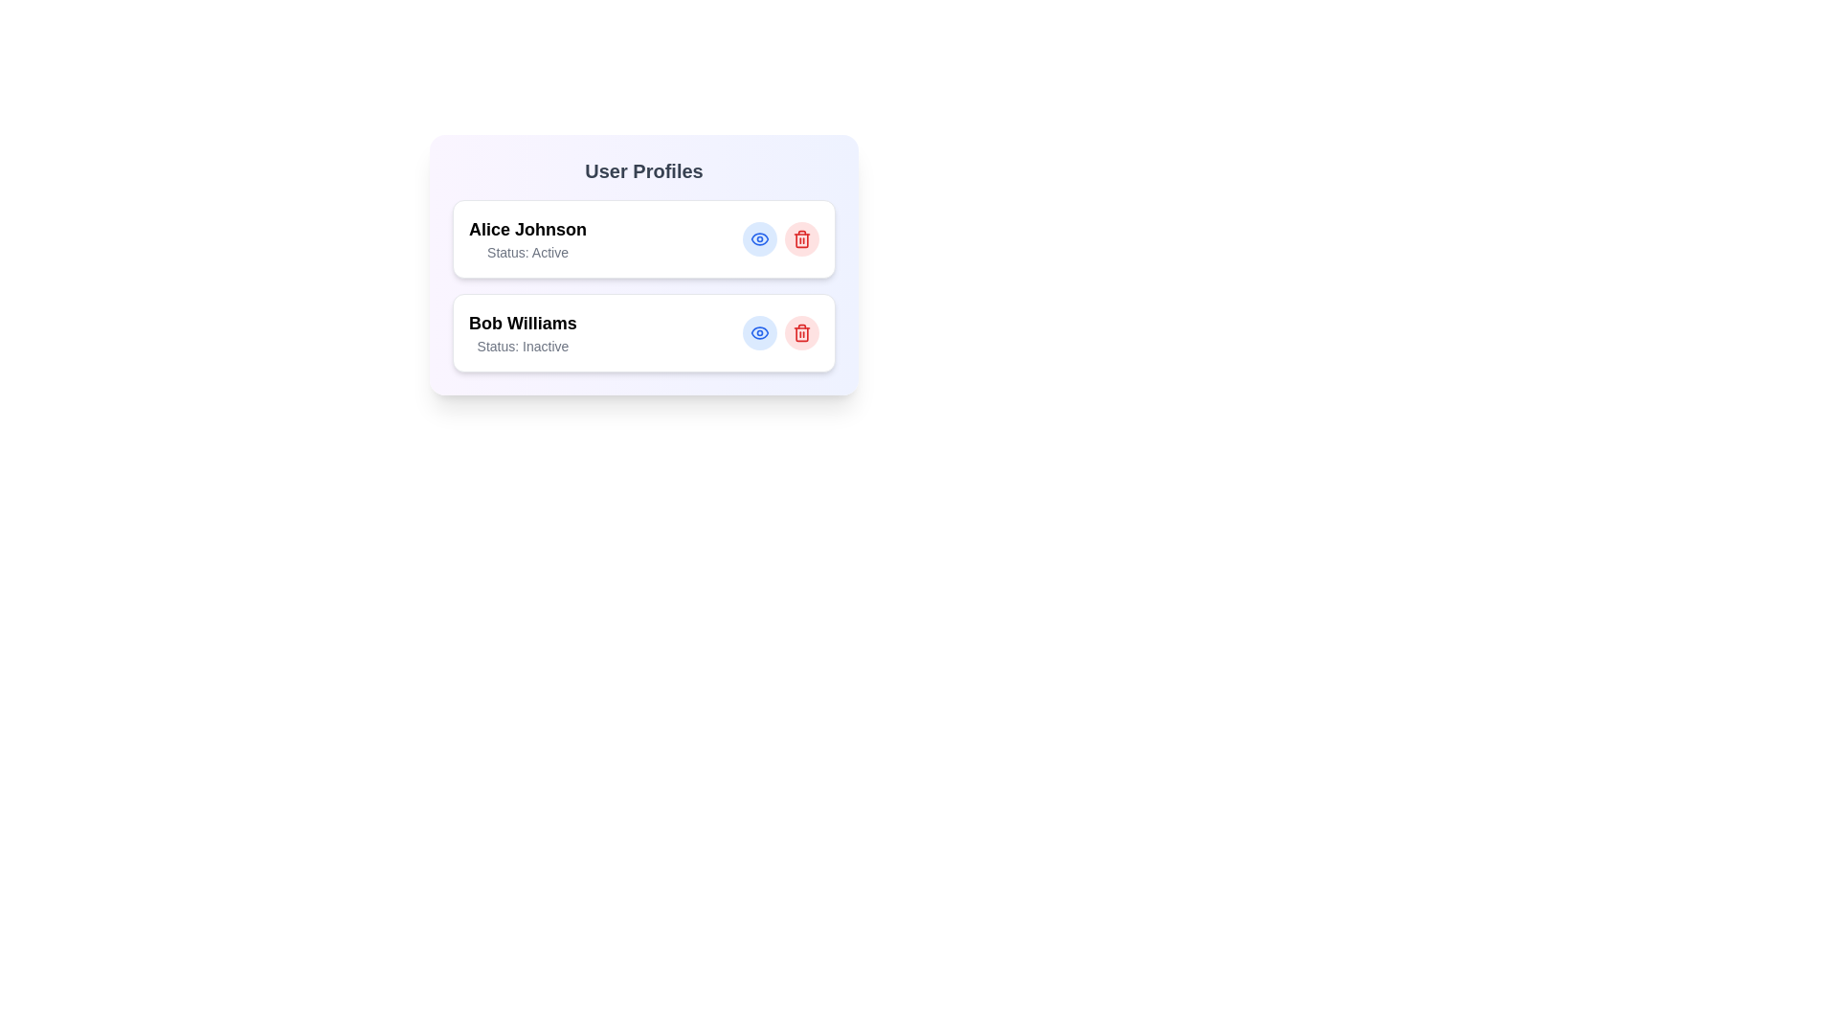 This screenshot has width=1838, height=1034. I want to click on the eye icon to view the profile of Alice Johnson, so click(758, 238).